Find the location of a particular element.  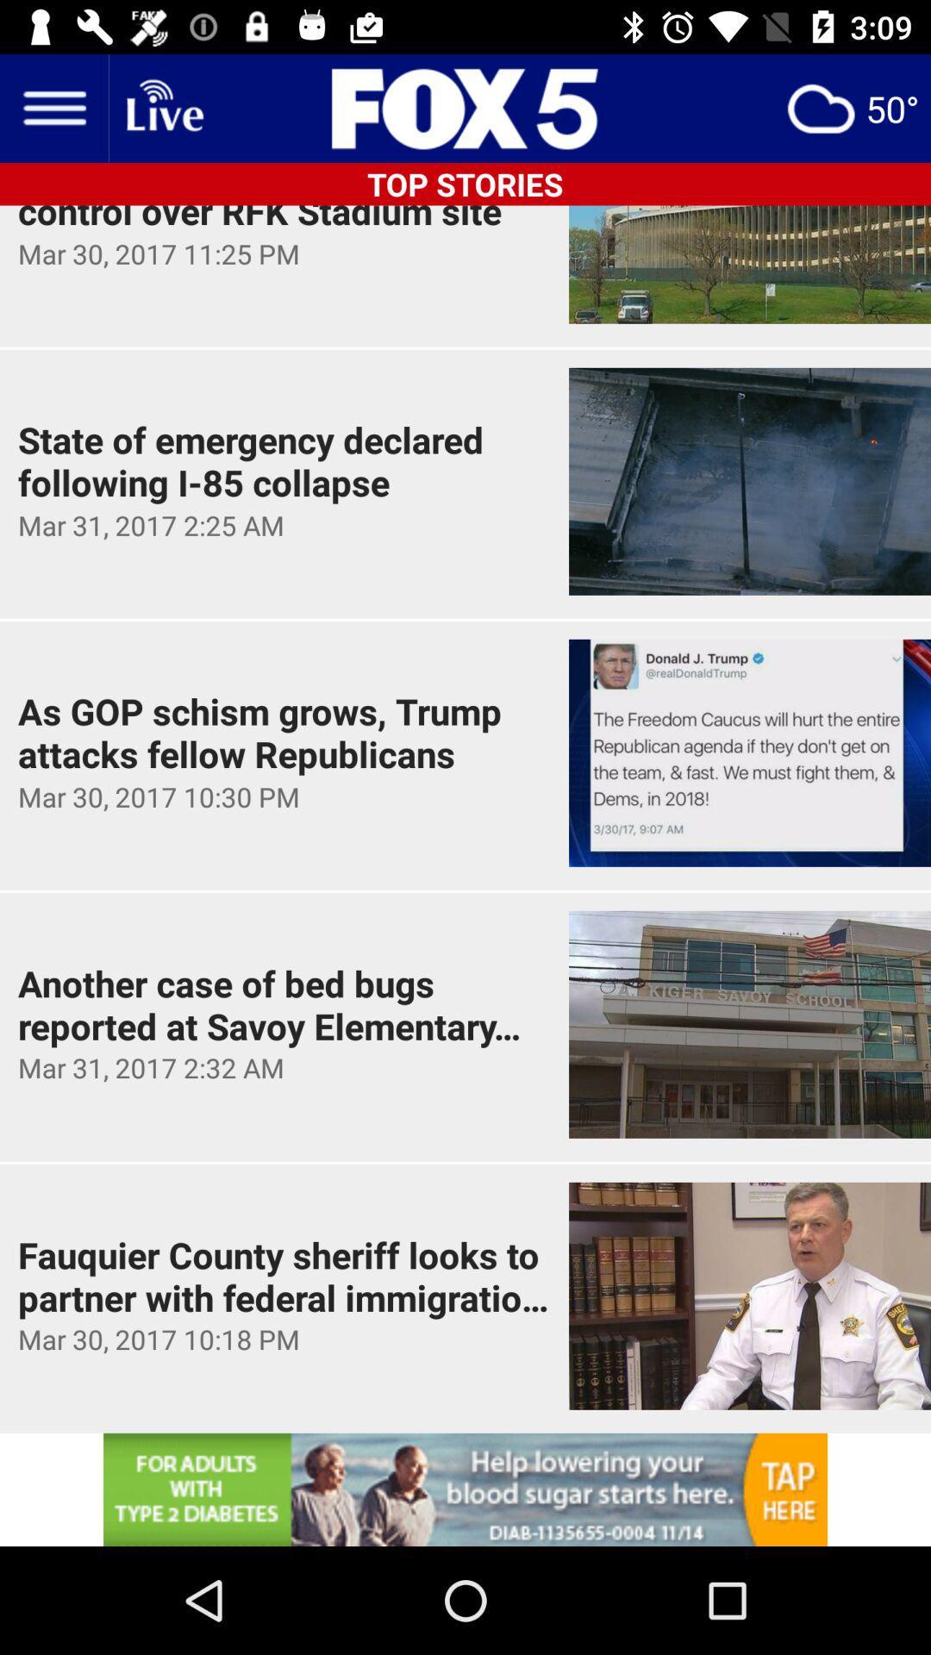

the menu icon is located at coordinates (53, 107).